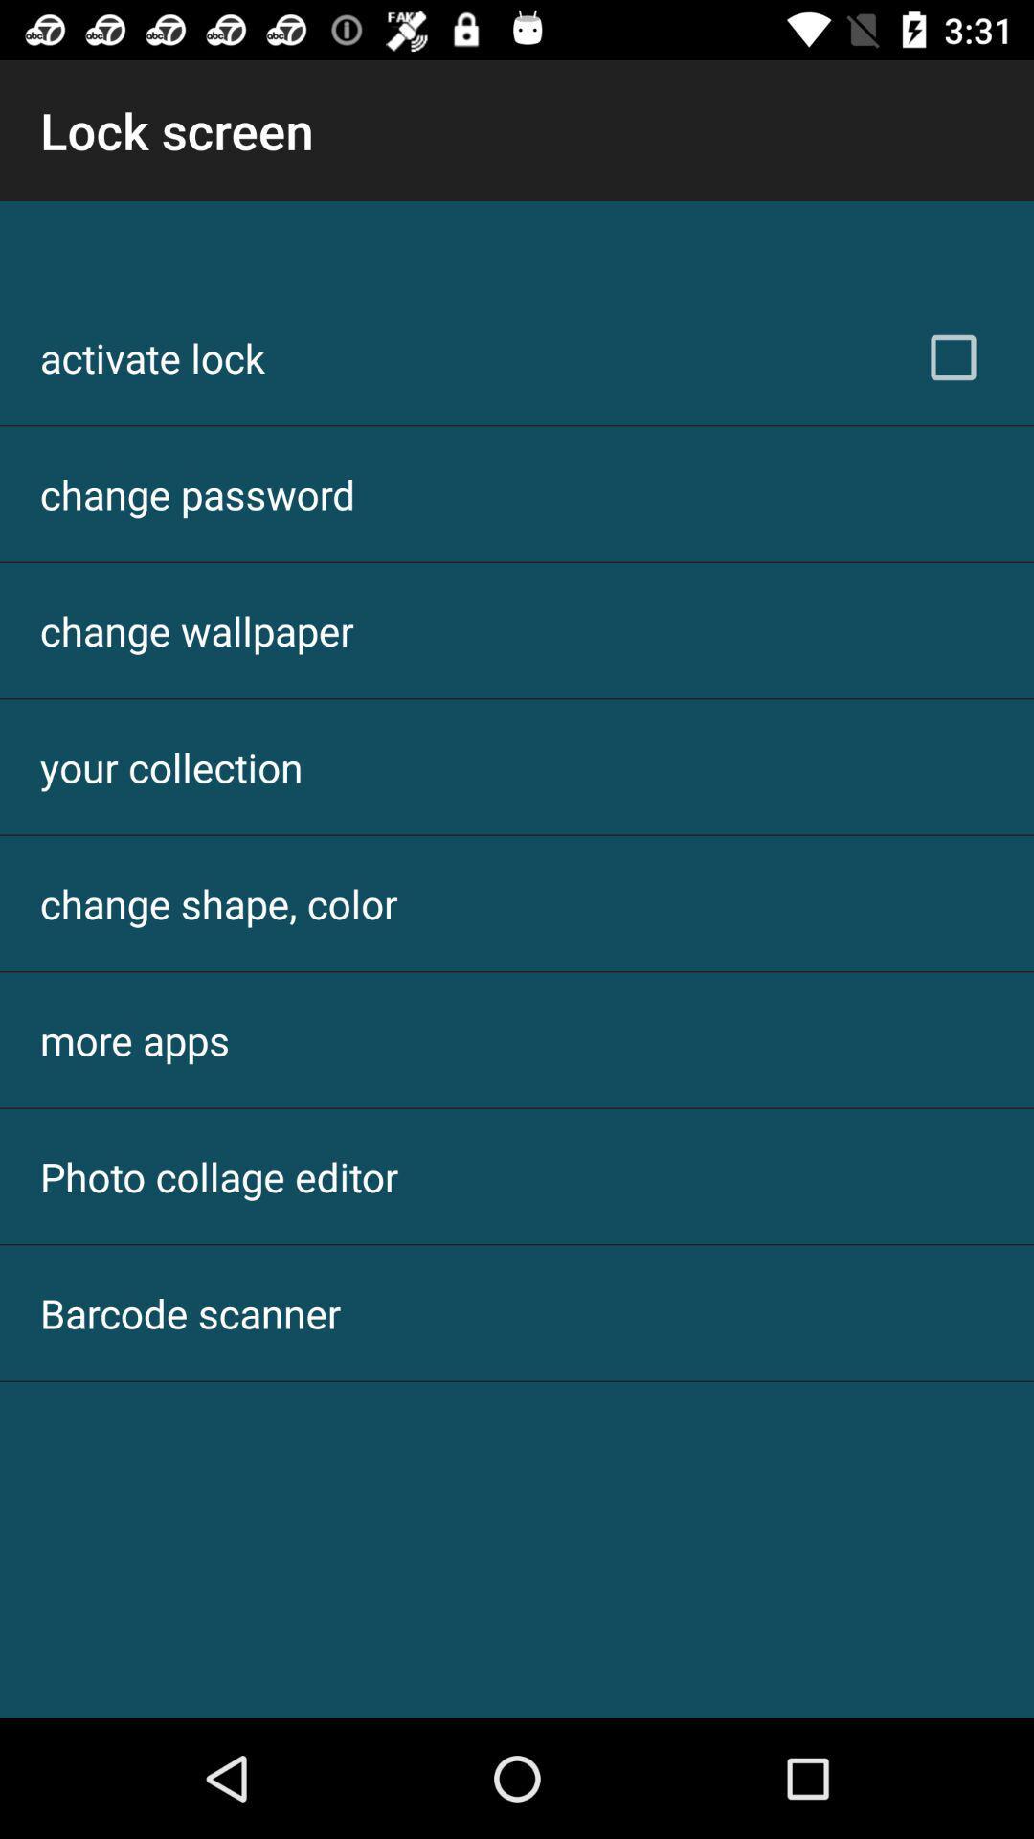 The width and height of the screenshot is (1034, 1839). I want to click on app below the your collection, so click(217, 902).